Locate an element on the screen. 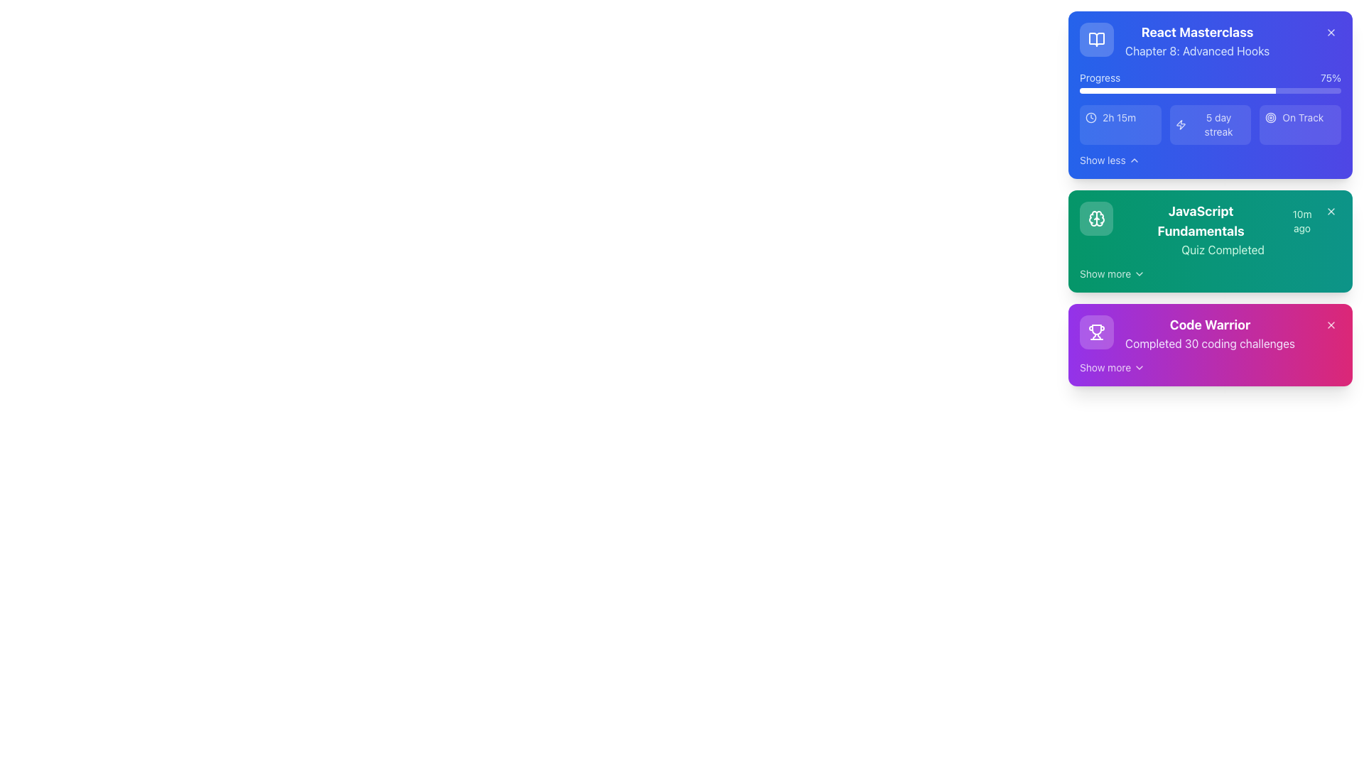 The image size is (1364, 767). the Status card that displays 'JavaScript Fundamentals' in bold white text on a green background, positioned between a blue panel above and a pink panel below is located at coordinates (1199, 229).